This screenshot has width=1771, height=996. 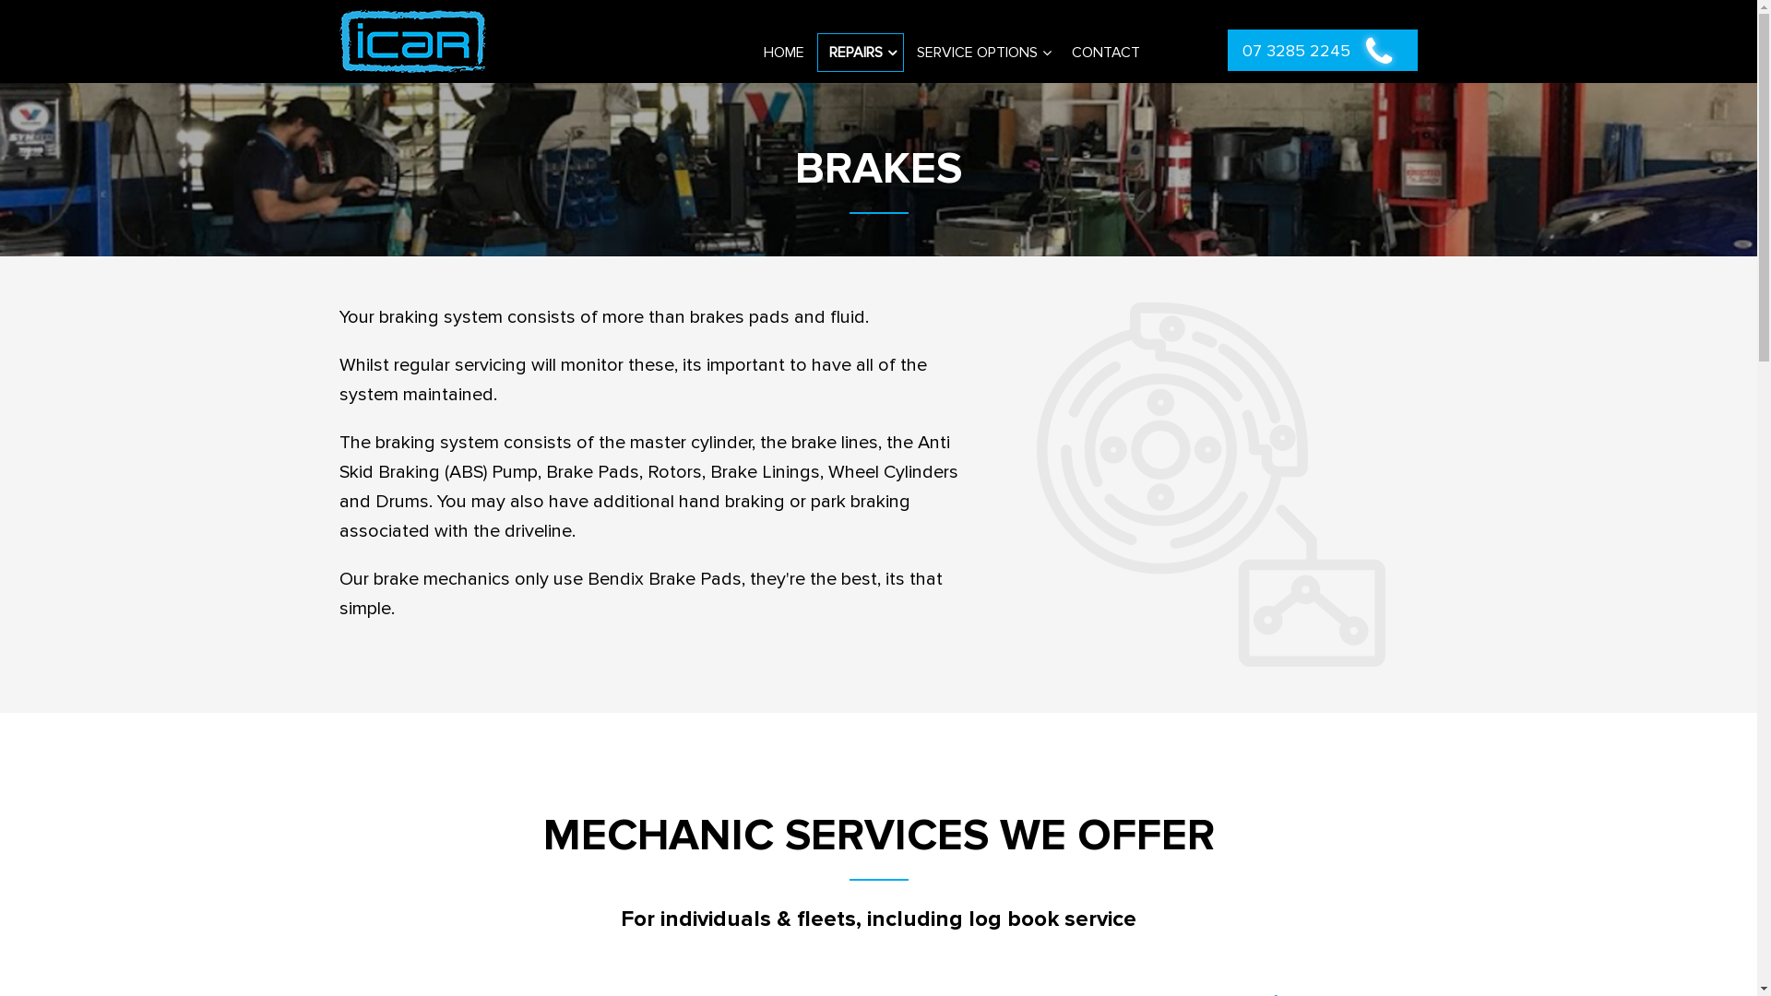 I want to click on 'CONTACT', so click(x=1106, y=52).